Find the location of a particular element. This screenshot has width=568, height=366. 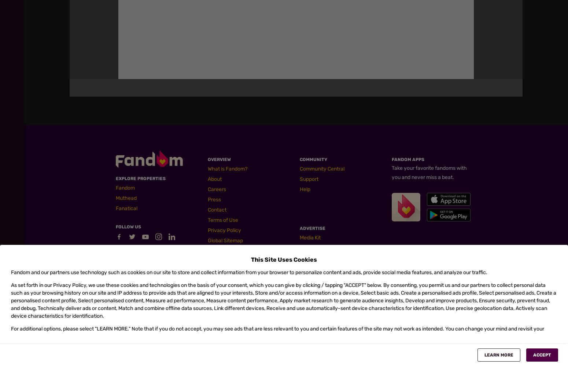

'Terms of Use' is located at coordinates (223, 220).